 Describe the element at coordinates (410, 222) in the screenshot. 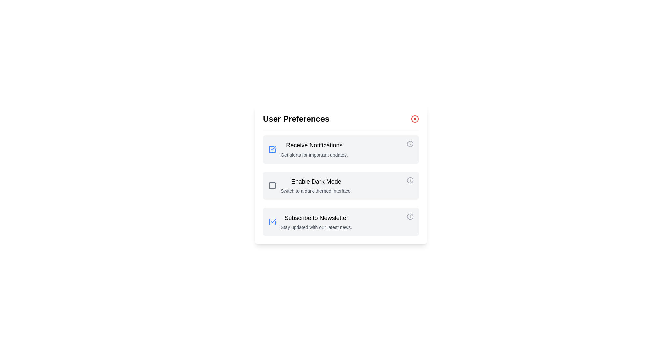

I see `the Tooltip trigger icon located to the right of the 'Subscribe to Newsletter' setting` at that location.